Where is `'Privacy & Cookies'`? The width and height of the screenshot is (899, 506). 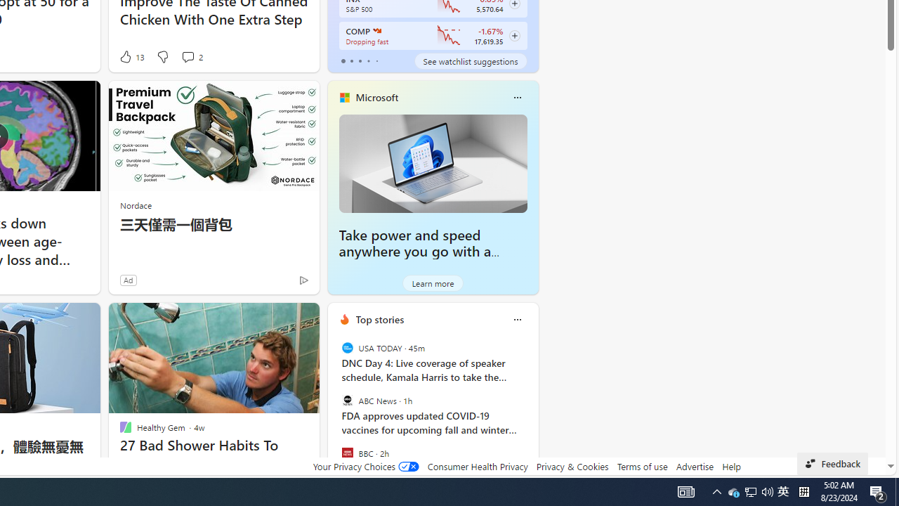
'Privacy & Cookies' is located at coordinates (572, 466).